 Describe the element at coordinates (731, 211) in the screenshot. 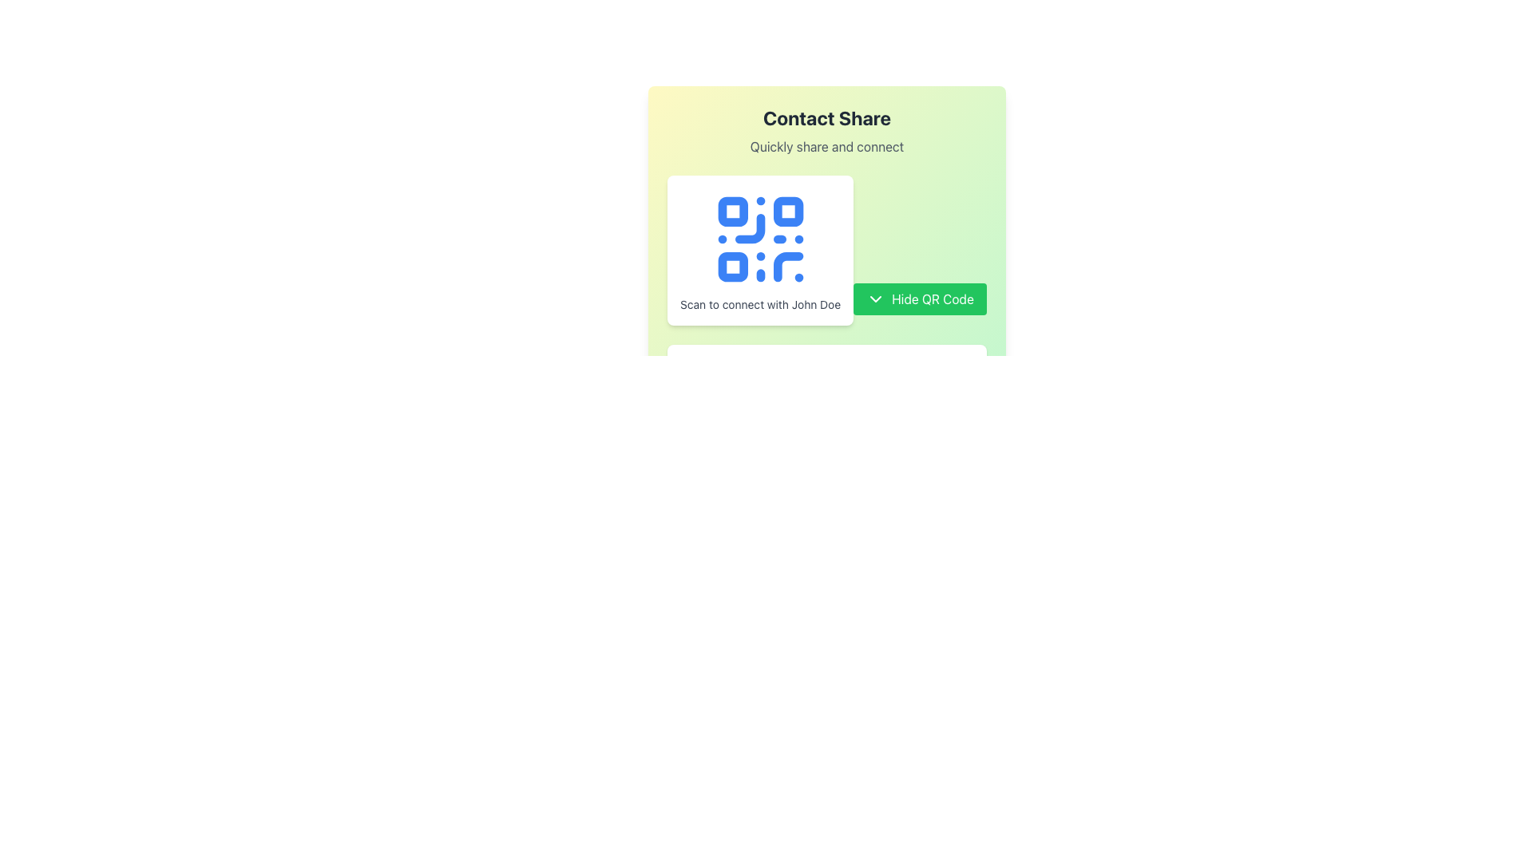

I see `the top-left decorative square element of the QR code, which is located below the heading 'Contact Share'` at that location.